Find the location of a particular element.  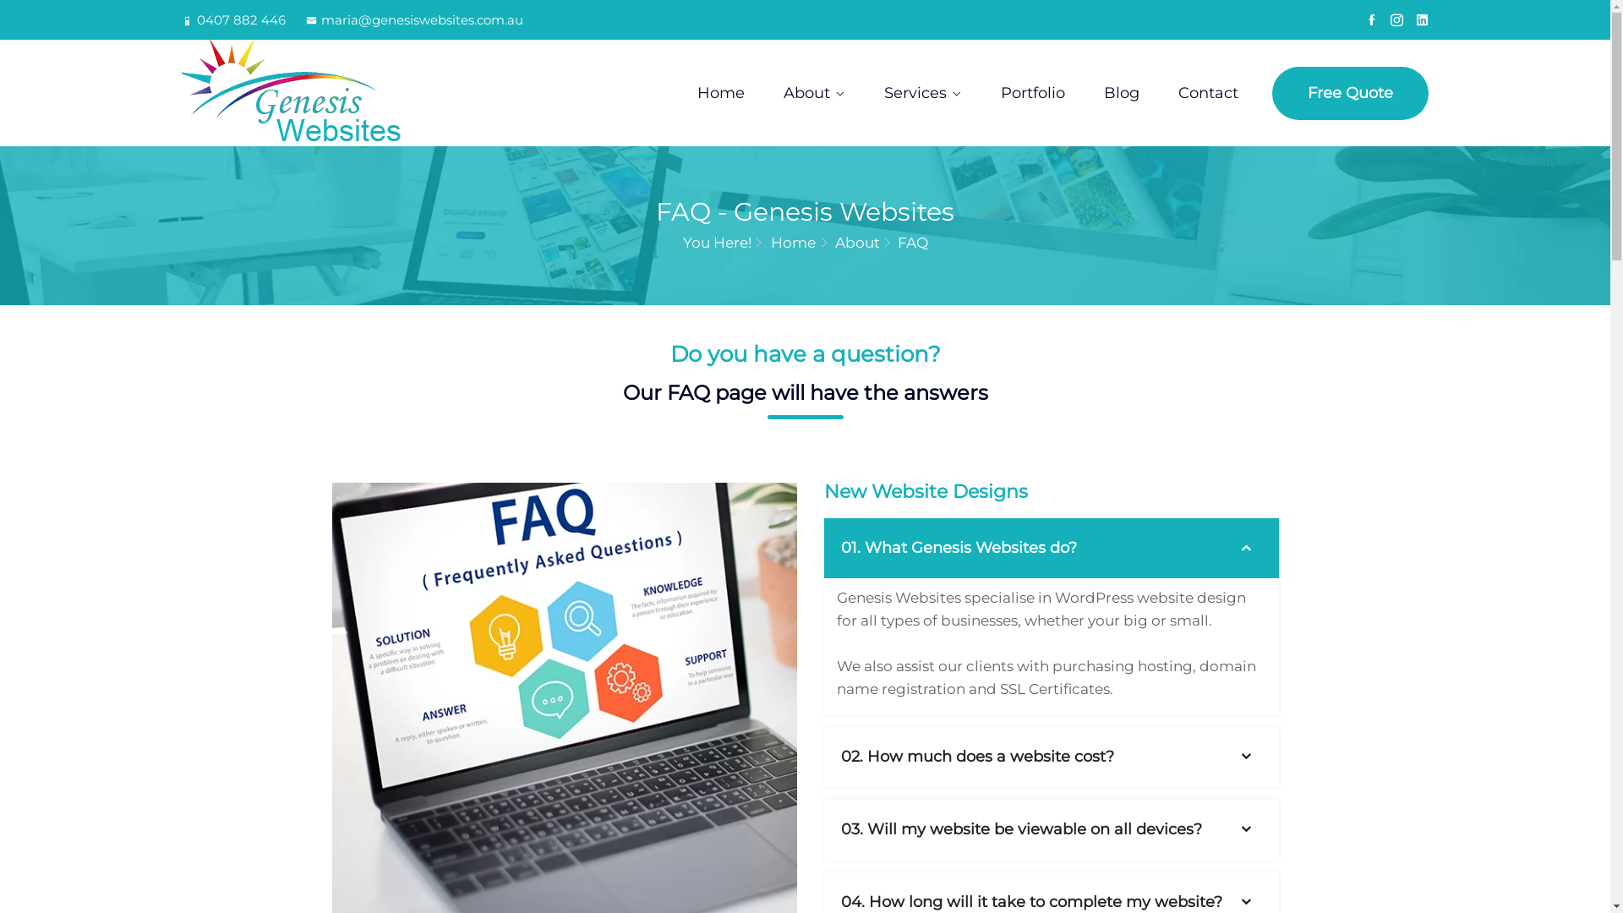

'Portfolio' is located at coordinates (1001, 93).